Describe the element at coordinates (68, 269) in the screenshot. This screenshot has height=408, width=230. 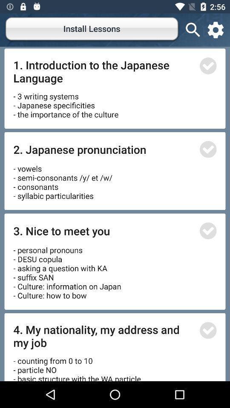
I see `the icon below 3 nice to icon` at that location.